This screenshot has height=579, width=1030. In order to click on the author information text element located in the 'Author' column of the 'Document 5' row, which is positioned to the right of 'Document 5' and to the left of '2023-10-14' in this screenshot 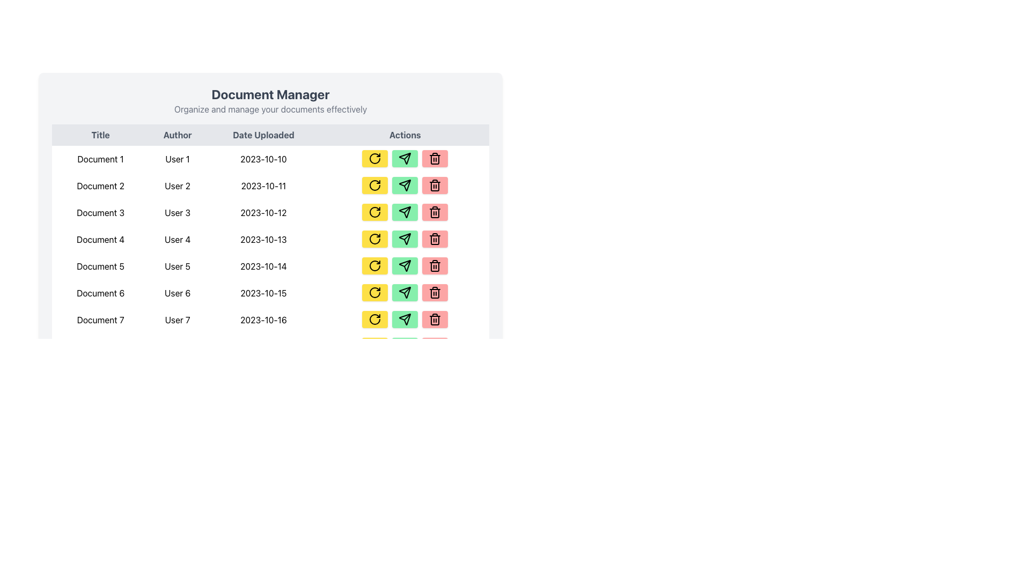, I will do `click(178, 266)`.